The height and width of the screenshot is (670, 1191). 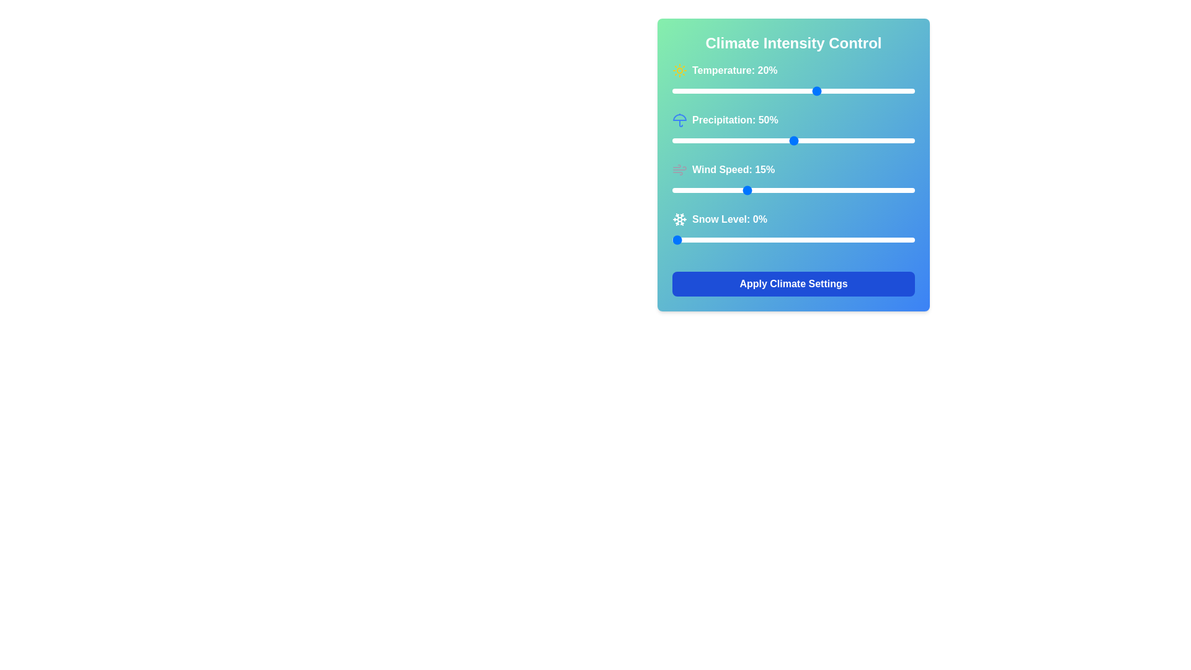 I want to click on the Temperature, so click(x=769, y=90).